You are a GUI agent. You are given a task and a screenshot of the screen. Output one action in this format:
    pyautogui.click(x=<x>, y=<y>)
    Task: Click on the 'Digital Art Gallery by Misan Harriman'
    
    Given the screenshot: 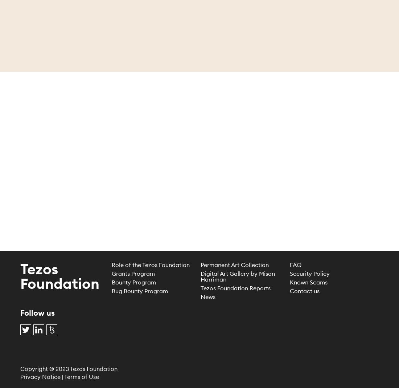 What is the action you would take?
    pyautogui.click(x=200, y=276)
    